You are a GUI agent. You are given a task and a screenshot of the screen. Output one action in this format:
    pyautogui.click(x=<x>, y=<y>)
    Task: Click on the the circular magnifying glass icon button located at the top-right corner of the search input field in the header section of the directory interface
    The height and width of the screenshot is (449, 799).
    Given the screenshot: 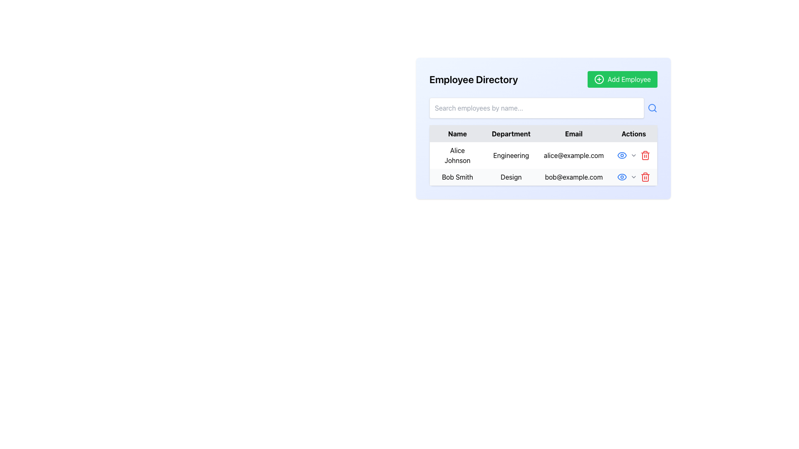 What is the action you would take?
    pyautogui.click(x=652, y=107)
    